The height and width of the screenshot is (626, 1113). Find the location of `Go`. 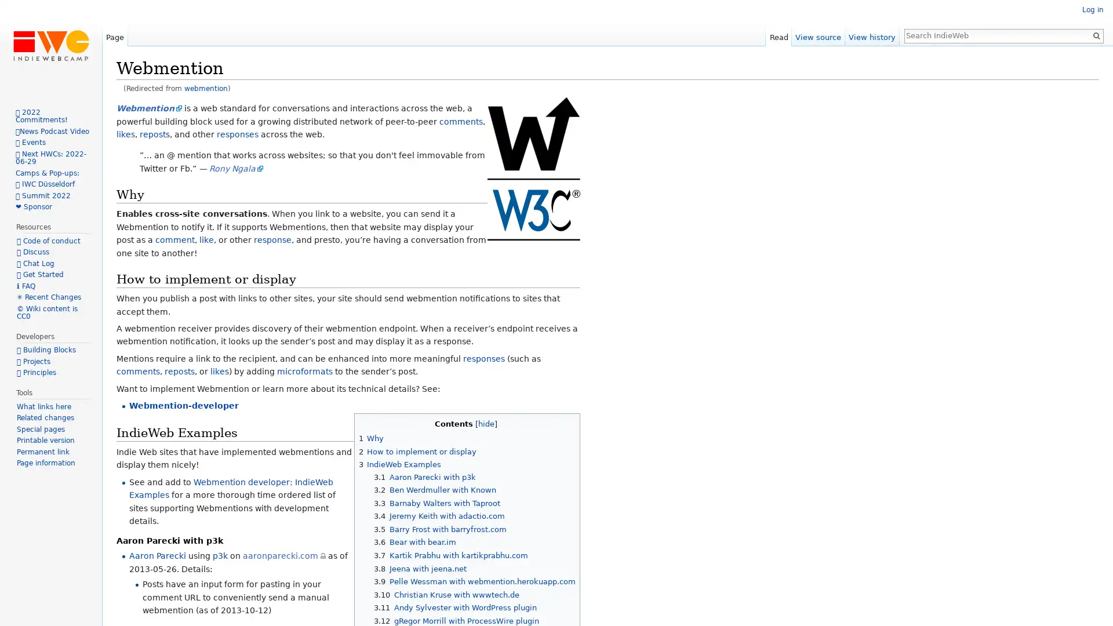

Go is located at coordinates (1096, 35).